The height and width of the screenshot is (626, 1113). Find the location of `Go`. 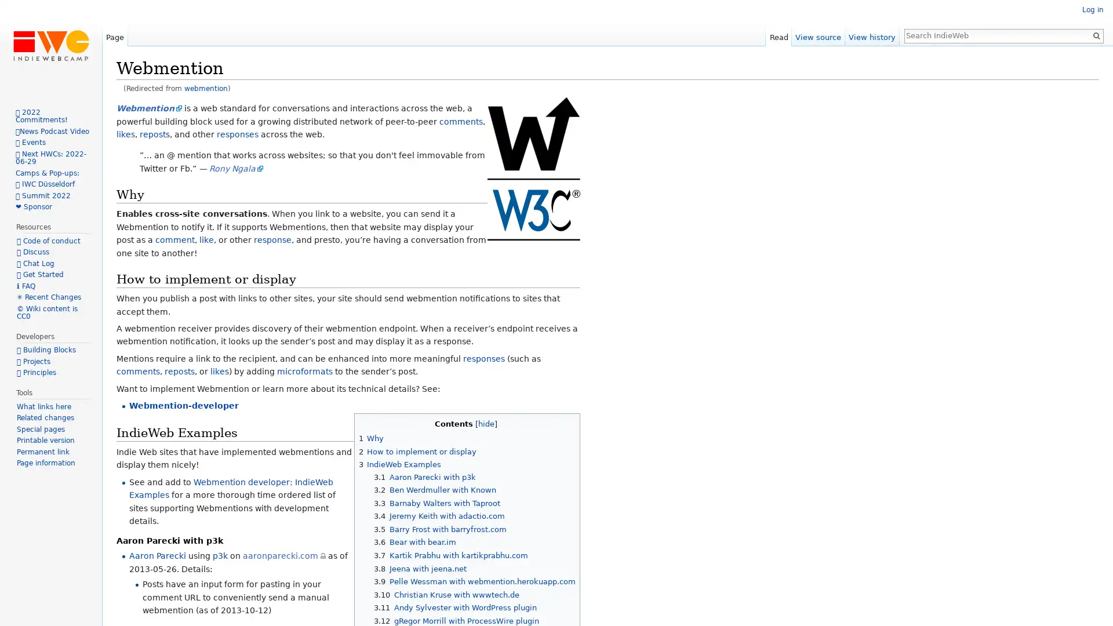

Go is located at coordinates (1096, 35).